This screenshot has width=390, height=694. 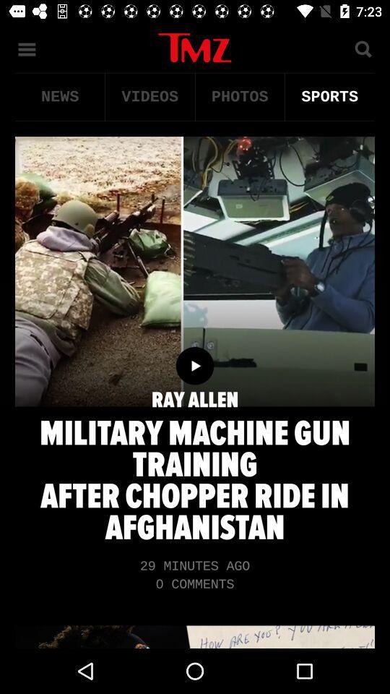 What do you see at coordinates (149, 96) in the screenshot?
I see `icon to the right of the news item` at bounding box center [149, 96].